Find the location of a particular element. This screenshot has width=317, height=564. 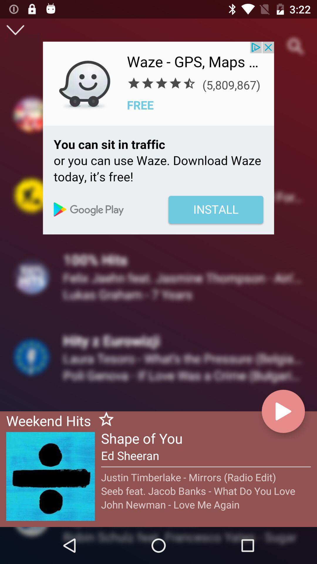

favourite icon is located at coordinates (103, 420).